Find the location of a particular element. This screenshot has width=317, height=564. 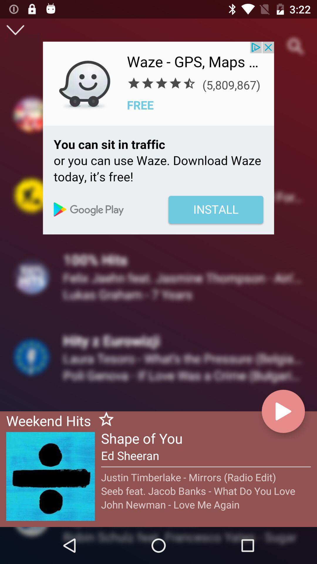

favourite icon is located at coordinates (103, 420).